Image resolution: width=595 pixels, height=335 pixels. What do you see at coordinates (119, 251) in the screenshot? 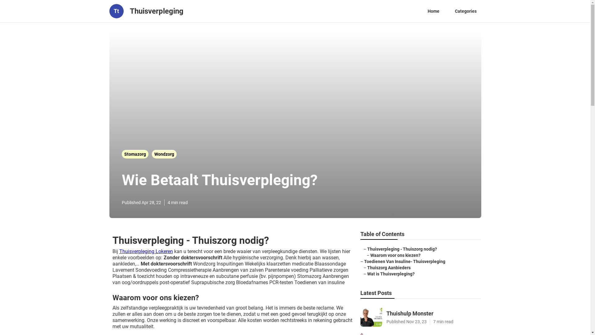
I see `'Thuisverpleging Lokeren'` at bounding box center [119, 251].